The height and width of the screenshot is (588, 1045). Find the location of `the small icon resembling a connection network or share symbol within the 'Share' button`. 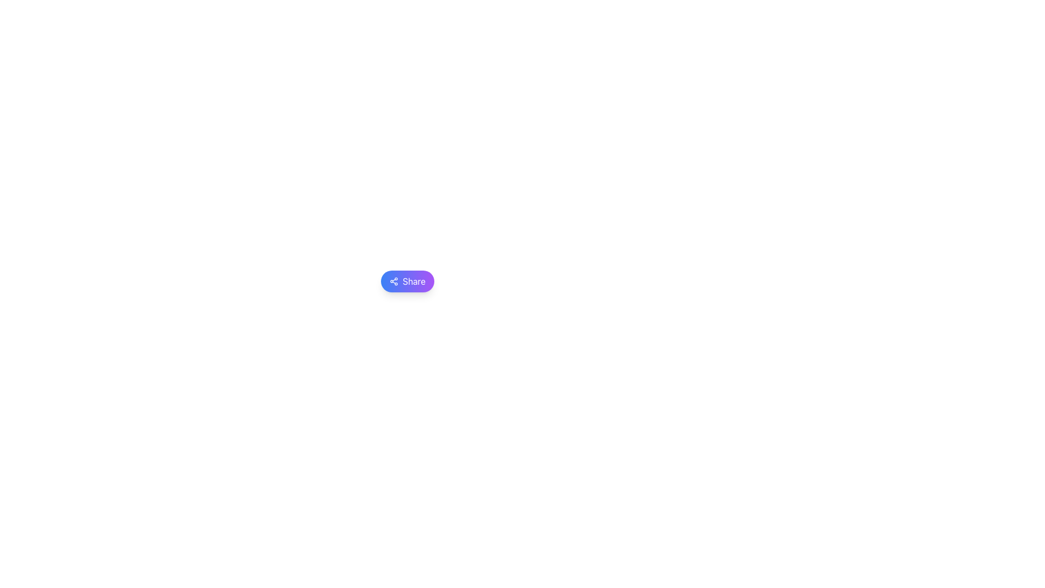

the small icon resembling a connection network or share symbol within the 'Share' button is located at coordinates (394, 280).